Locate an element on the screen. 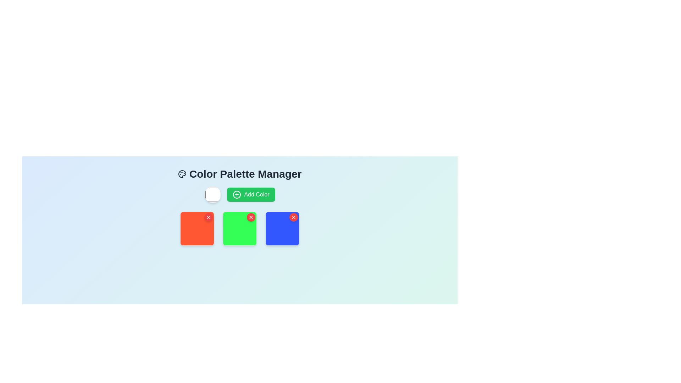 The height and width of the screenshot is (383, 681). the red circular button with a white 'X' icon located at the top-right corner of the square card to trigger the color change effect is located at coordinates (208, 217).